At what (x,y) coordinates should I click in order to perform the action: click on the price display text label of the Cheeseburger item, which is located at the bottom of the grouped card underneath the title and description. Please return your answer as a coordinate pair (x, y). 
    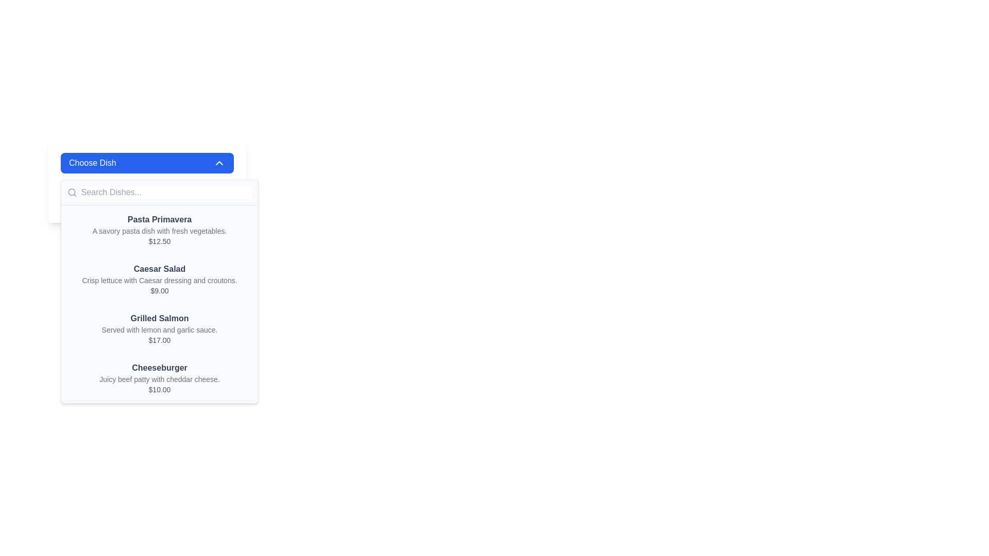
    Looking at the image, I should click on (159, 389).